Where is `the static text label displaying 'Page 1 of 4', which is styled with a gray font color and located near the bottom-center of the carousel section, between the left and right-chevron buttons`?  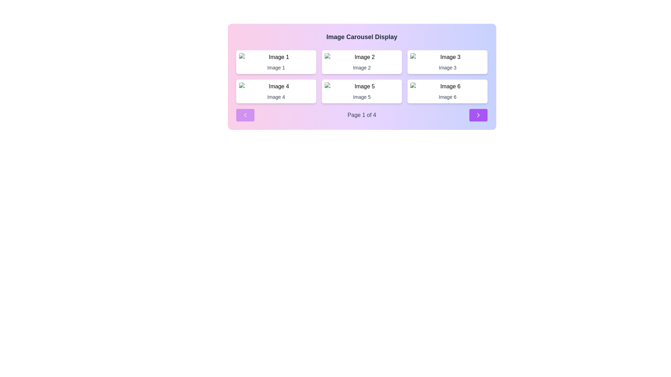 the static text label displaying 'Page 1 of 4', which is styled with a gray font color and located near the bottom-center of the carousel section, between the left and right-chevron buttons is located at coordinates (362, 115).